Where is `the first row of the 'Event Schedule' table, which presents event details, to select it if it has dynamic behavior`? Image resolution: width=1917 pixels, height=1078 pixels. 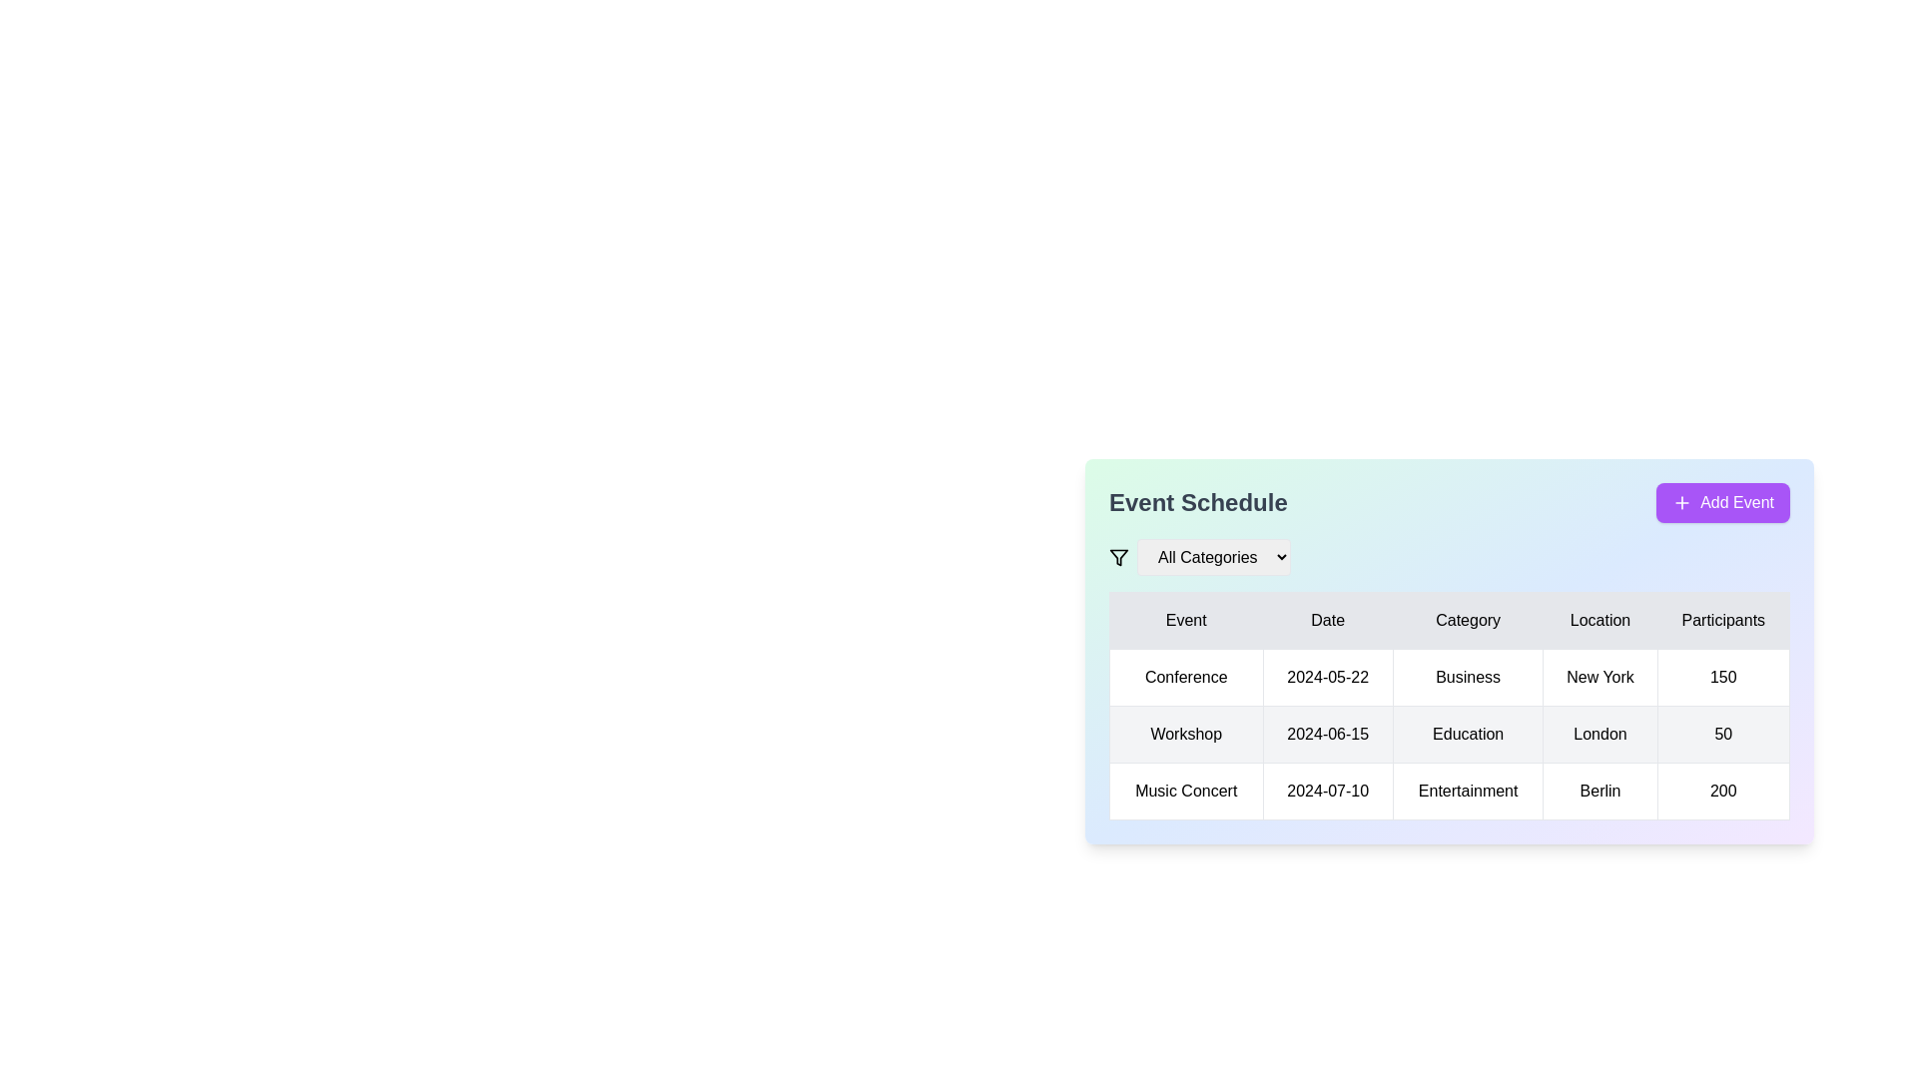
the first row of the 'Event Schedule' table, which presents event details, to select it if it has dynamic behavior is located at coordinates (1449, 676).